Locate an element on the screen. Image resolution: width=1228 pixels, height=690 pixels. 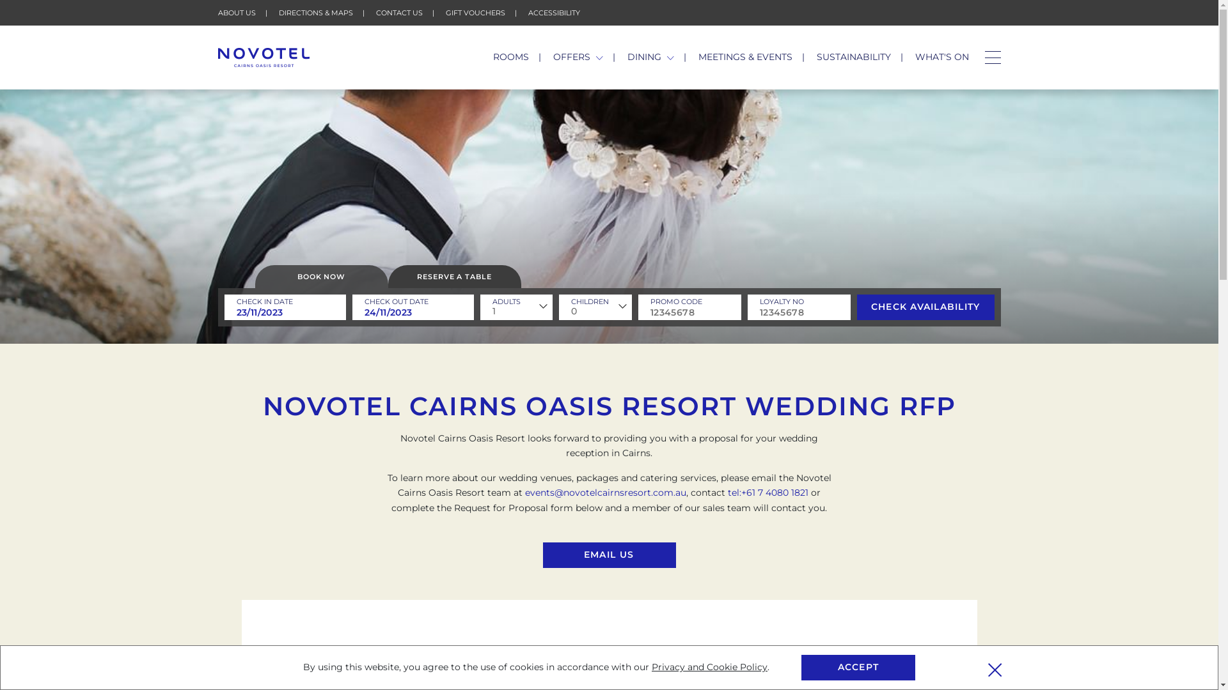
'CONTACT US' is located at coordinates (398, 12).